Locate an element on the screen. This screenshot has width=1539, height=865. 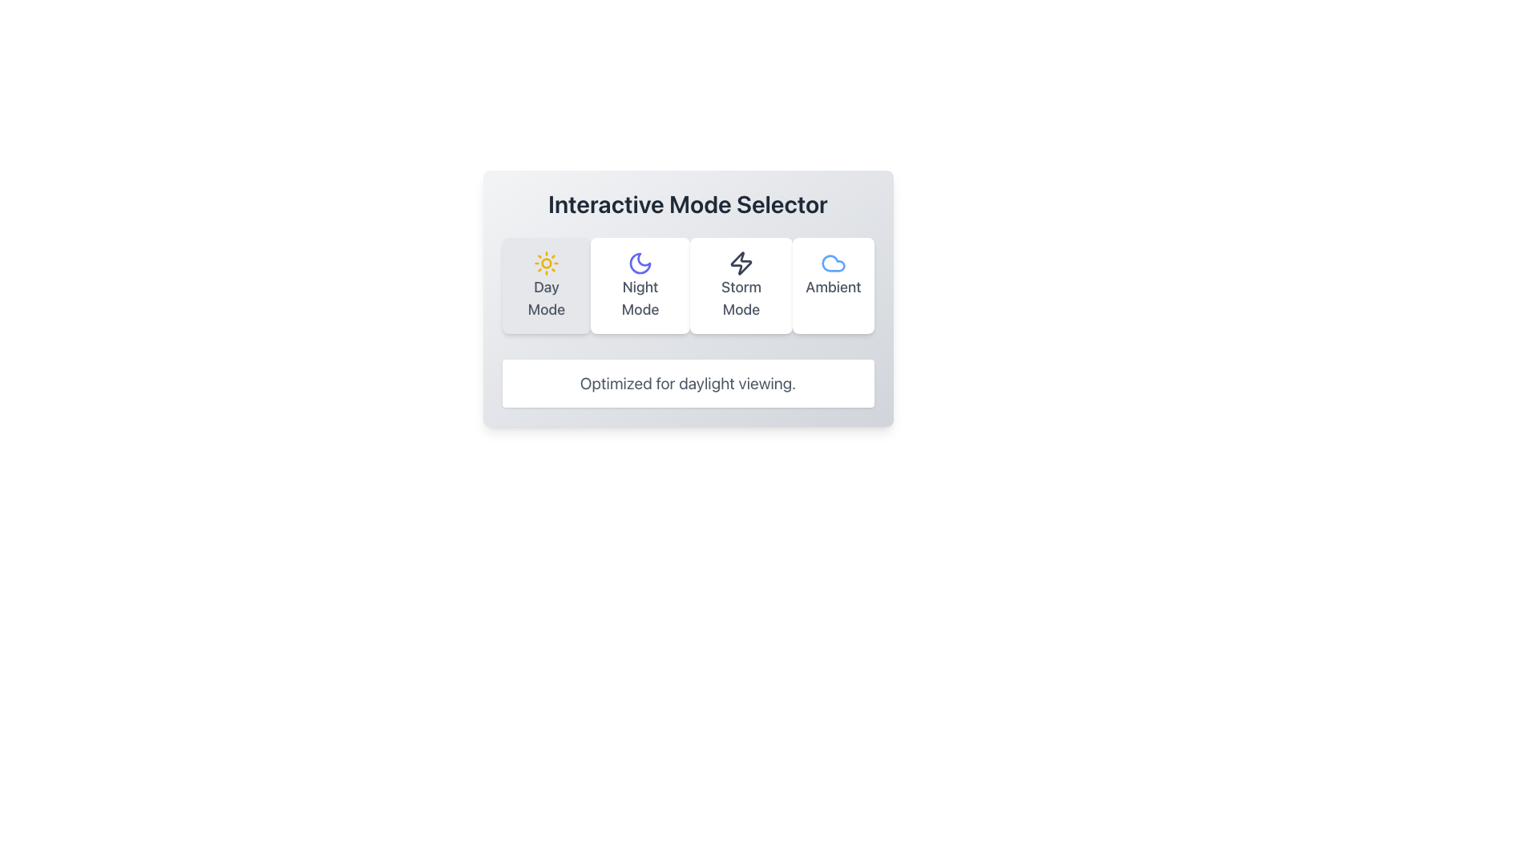
the 'Day Mode' button, which is visually represented by a sun icon is located at coordinates (546, 262).